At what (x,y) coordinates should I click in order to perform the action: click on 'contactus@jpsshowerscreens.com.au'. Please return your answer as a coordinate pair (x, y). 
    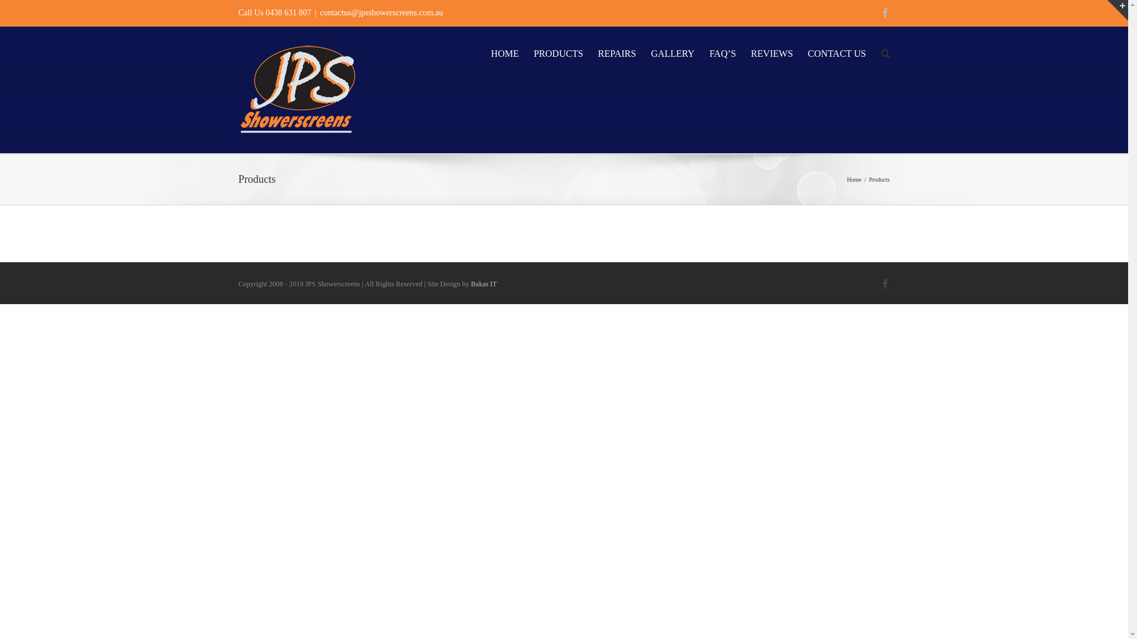
    Looking at the image, I should click on (381, 12).